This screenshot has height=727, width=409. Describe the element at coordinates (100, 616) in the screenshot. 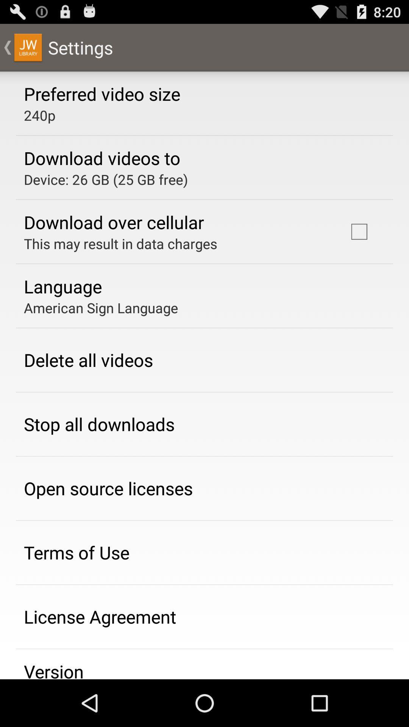

I see `the app below terms of use icon` at that location.